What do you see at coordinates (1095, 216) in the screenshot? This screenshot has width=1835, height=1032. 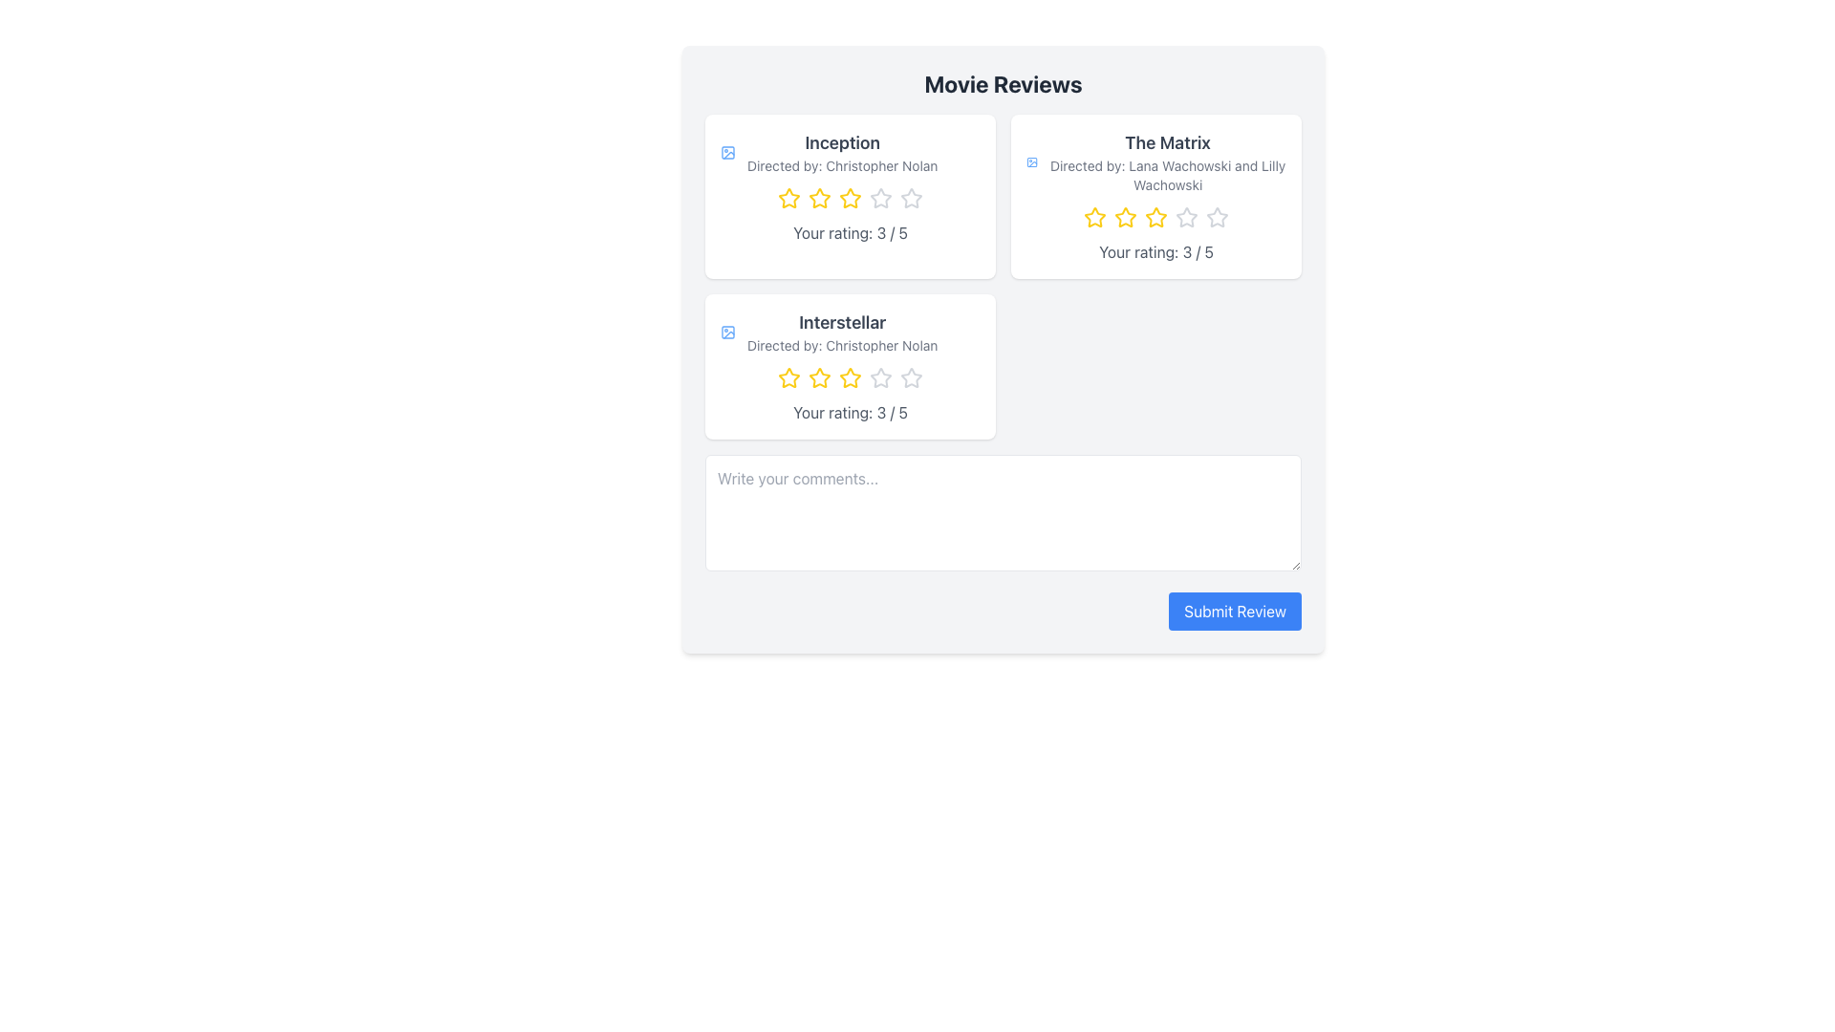 I see `the first yellow star in the rating system for 'The Matrix'` at bounding box center [1095, 216].